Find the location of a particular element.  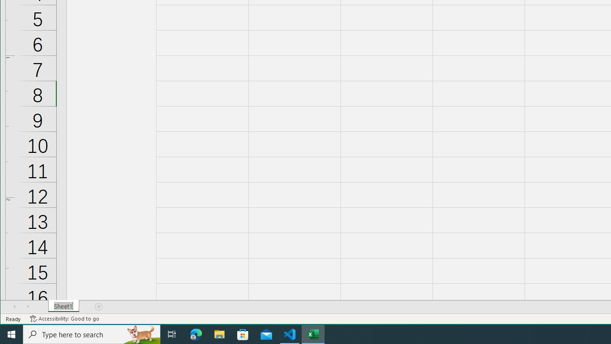

'Search highlights icon opens search home window' is located at coordinates (140, 333).